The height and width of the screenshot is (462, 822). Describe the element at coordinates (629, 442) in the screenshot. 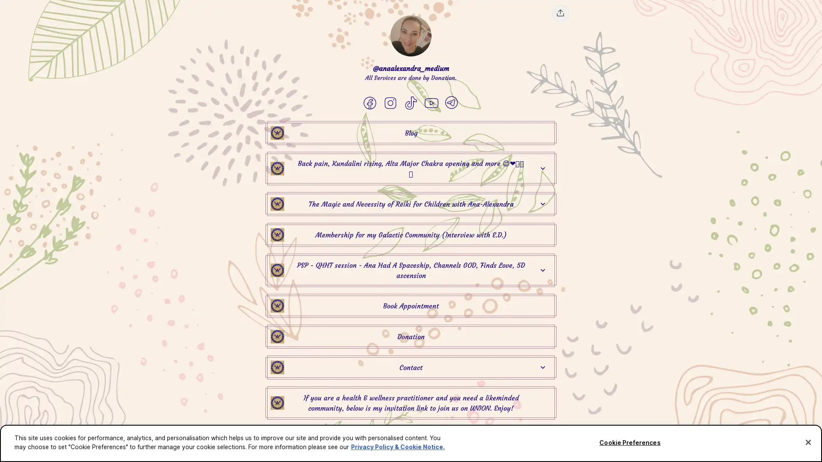

I see `Cookie Preferences` at that location.